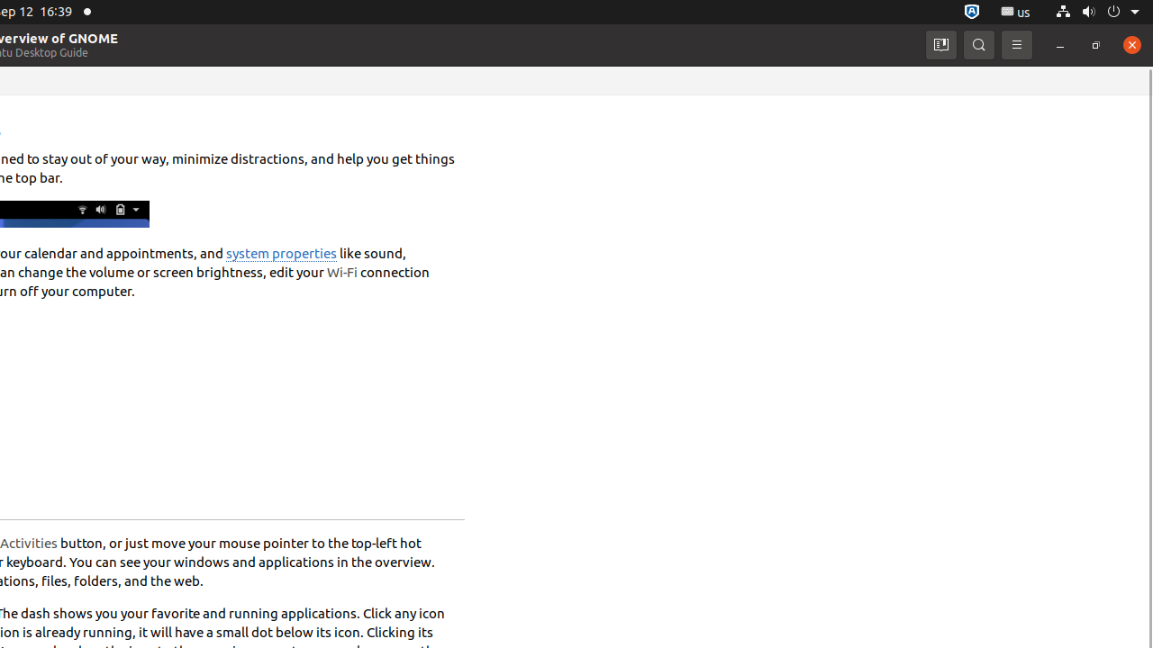 The image size is (1153, 648). Describe the element at coordinates (1130, 43) in the screenshot. I see `'Close'` at that location.